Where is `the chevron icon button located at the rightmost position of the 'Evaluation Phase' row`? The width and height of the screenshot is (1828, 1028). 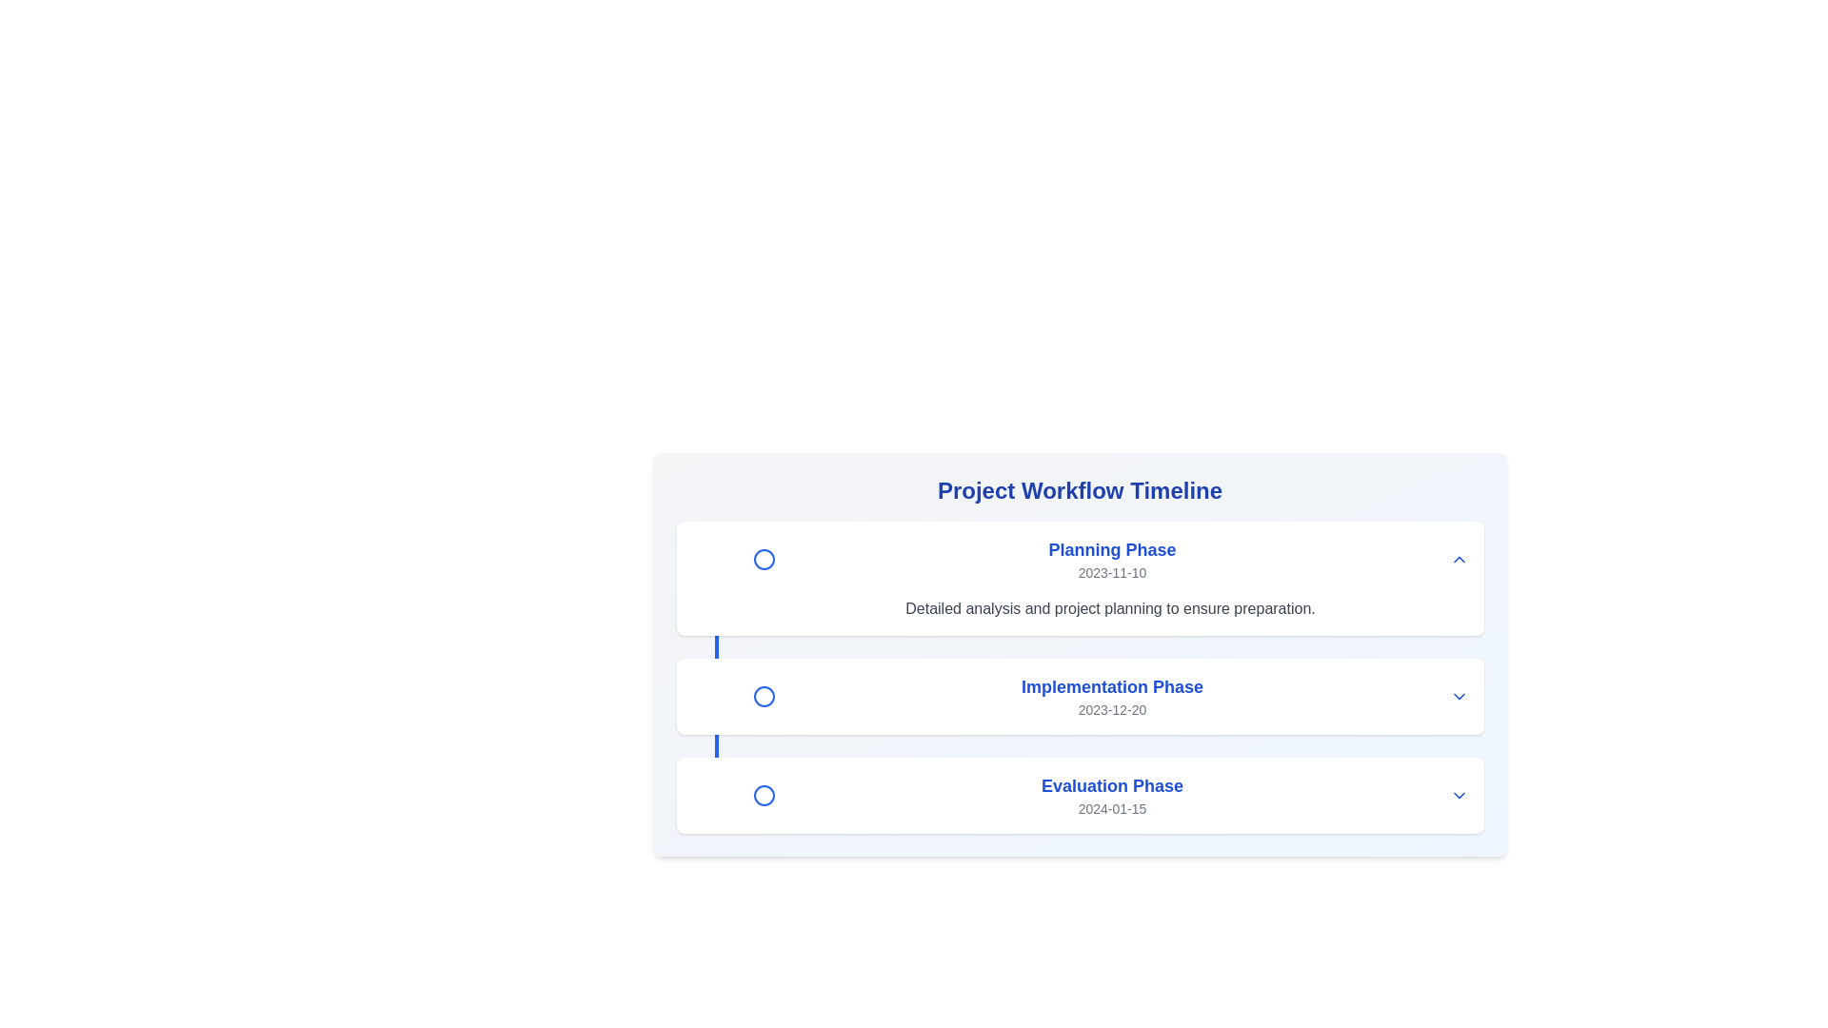 the chevron icon button located at the rightmost position of the 'Evaluation Phase' row is located at coordinates (1458, 796).